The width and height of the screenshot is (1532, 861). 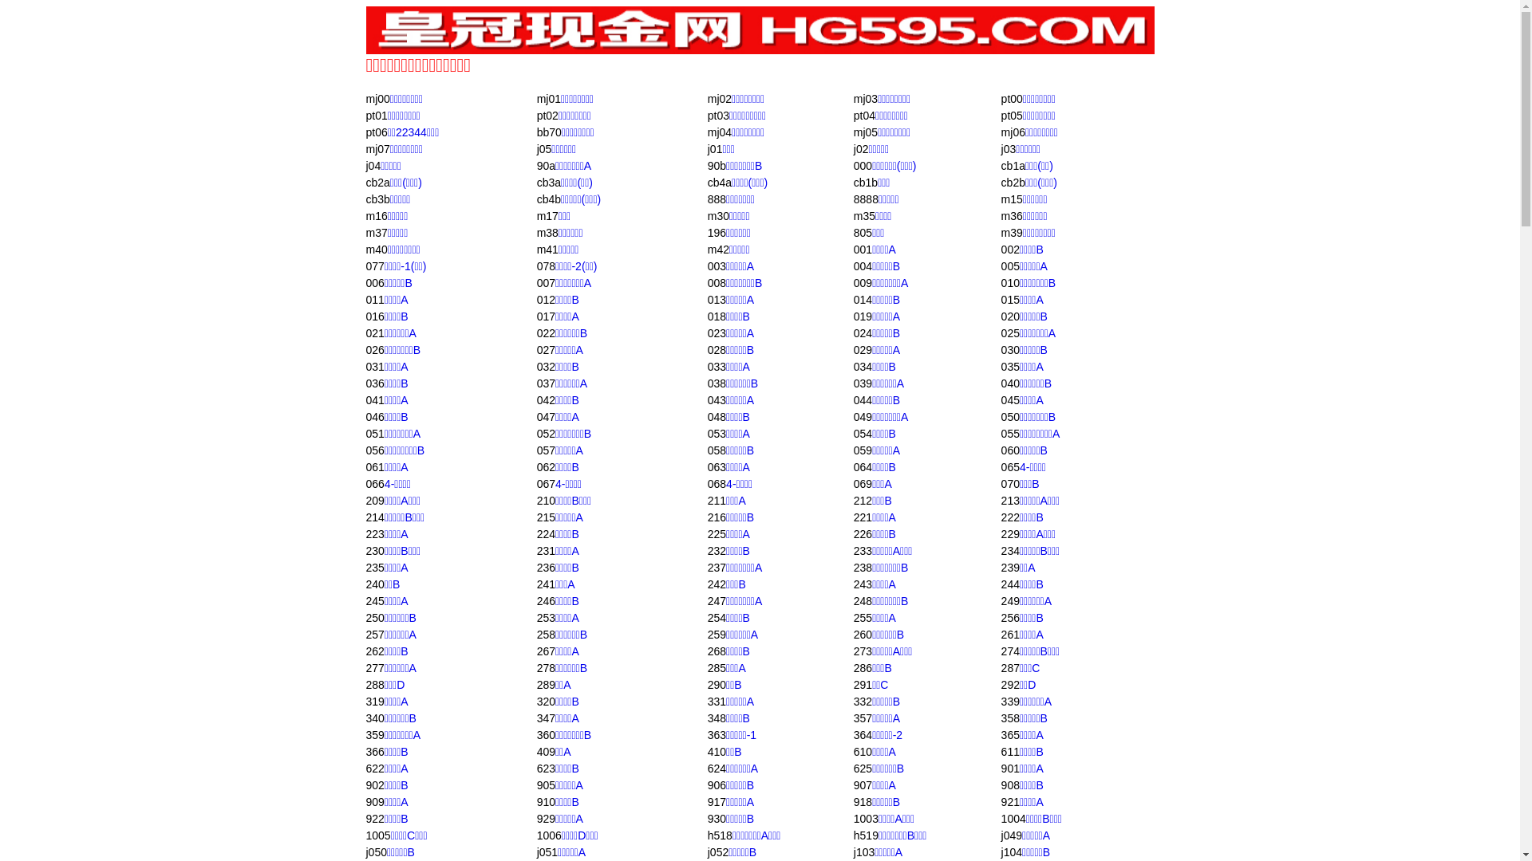 I want to click on '289', so click(x=546, y=684).